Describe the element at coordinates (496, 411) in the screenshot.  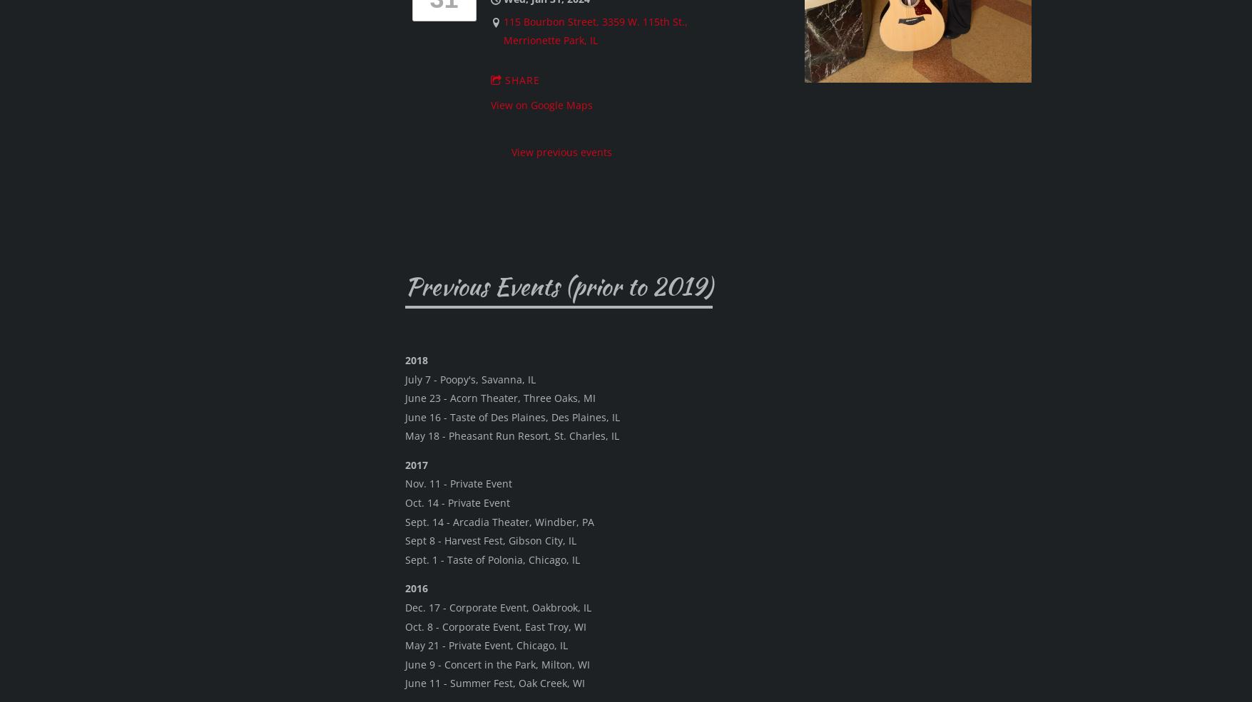
I see `'Shakers, Ottawa, IL'` at that location.